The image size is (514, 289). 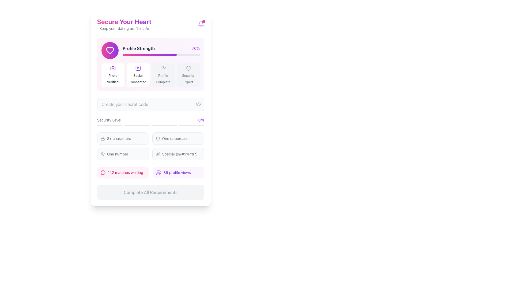 I want to click on the profile strength indicator element, which features a circular icon with a gradient background transitioning from pink to purple, a heart symbol in the center, bold text 'Profile Strength', and a numeric percentage '70%' with a partially filled progress bar below, so click(x=150, y=51).